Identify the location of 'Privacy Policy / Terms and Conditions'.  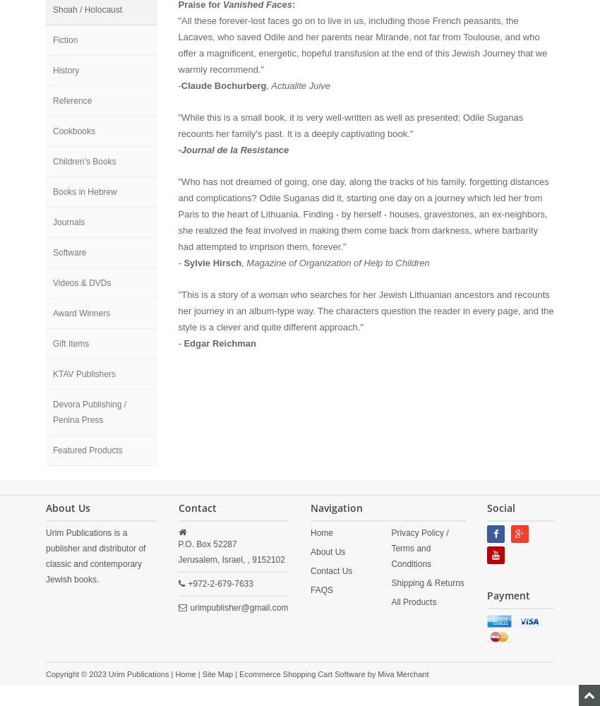
(419, 549).